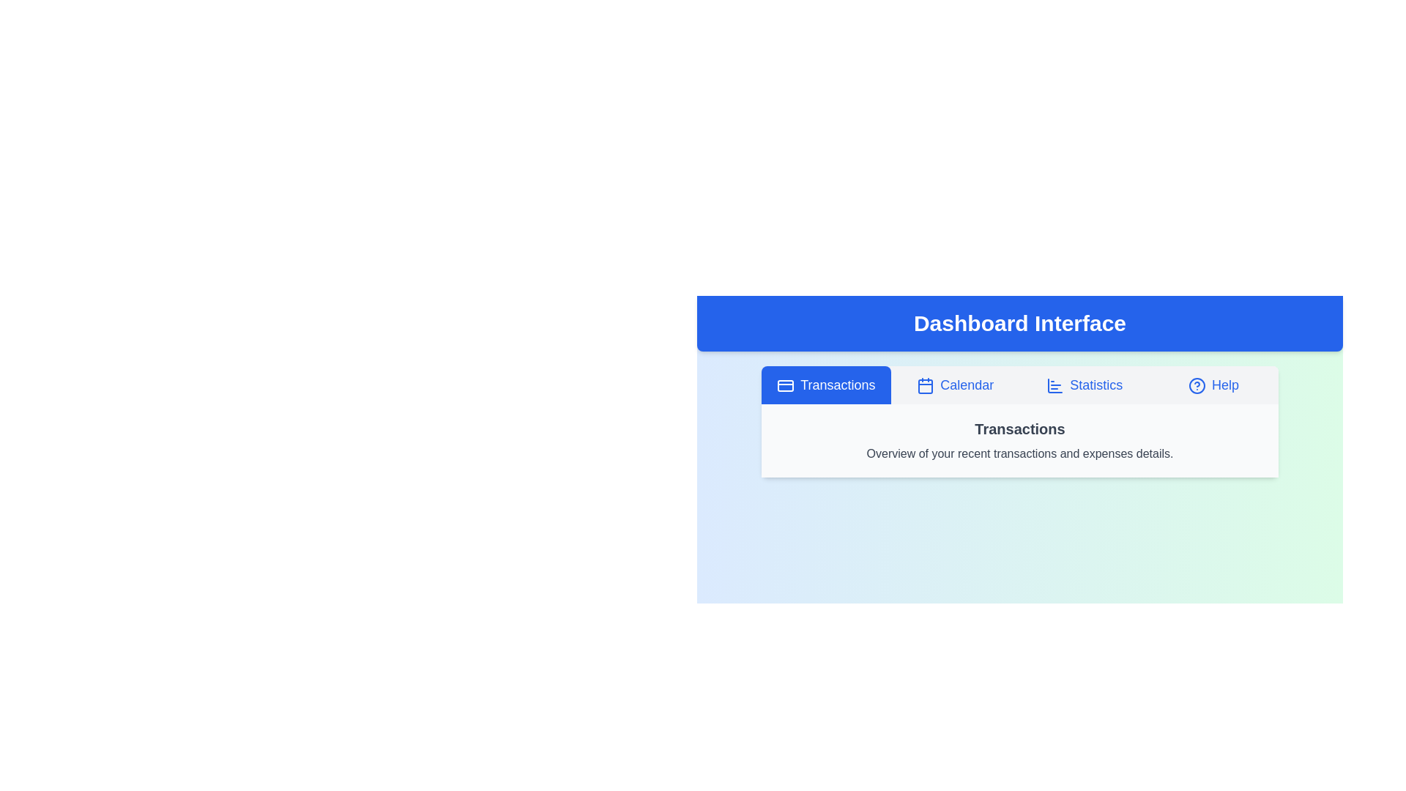  I want to click on the tab labeled Calendar, so click(955, 384).